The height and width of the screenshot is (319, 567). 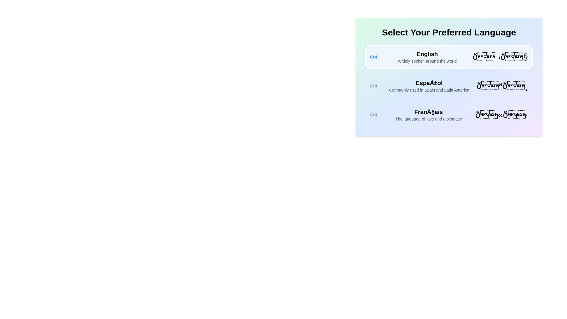 I want to click on the bolded flag emoji icon located in the 'Español' language option block on the rightmost side, so click(x=502, y=86).